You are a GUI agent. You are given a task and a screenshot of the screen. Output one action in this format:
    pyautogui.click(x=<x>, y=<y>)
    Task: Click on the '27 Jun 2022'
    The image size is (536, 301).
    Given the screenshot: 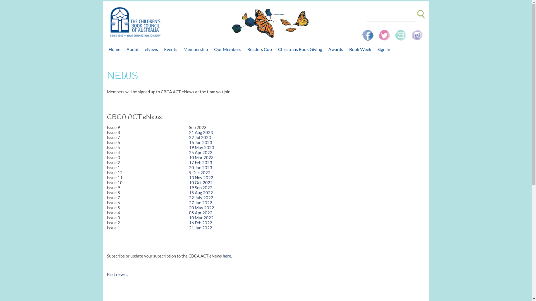 What is the action you would take?
    pyautogui.click(x=200, y=202)
    